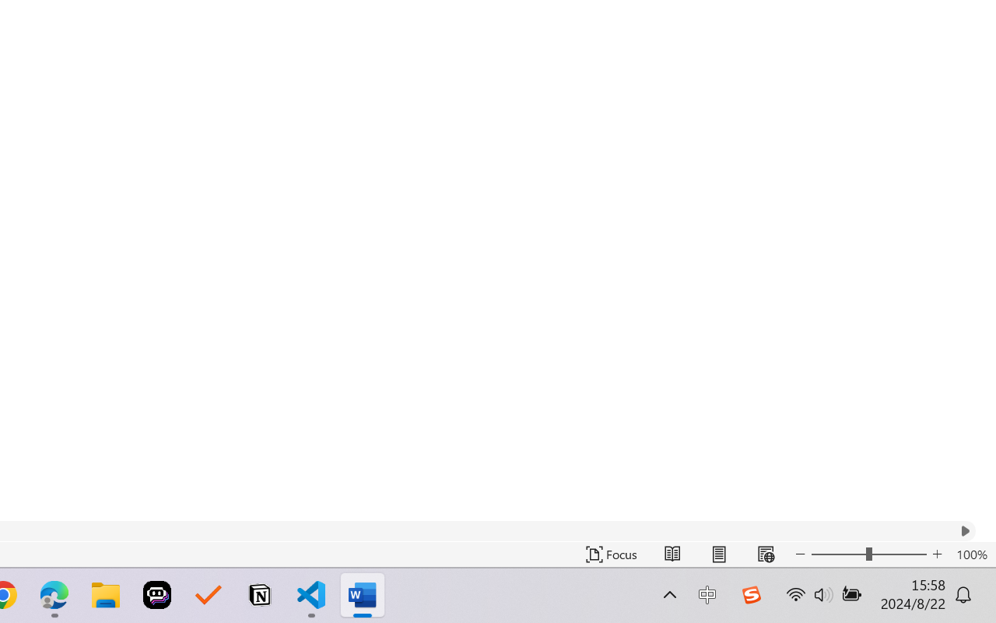 Image resolution: width=996 pixels, height=623 pixels. Describe the element at coordinates (964, 531) in the screenshot. I see `'Column right'` at that location.